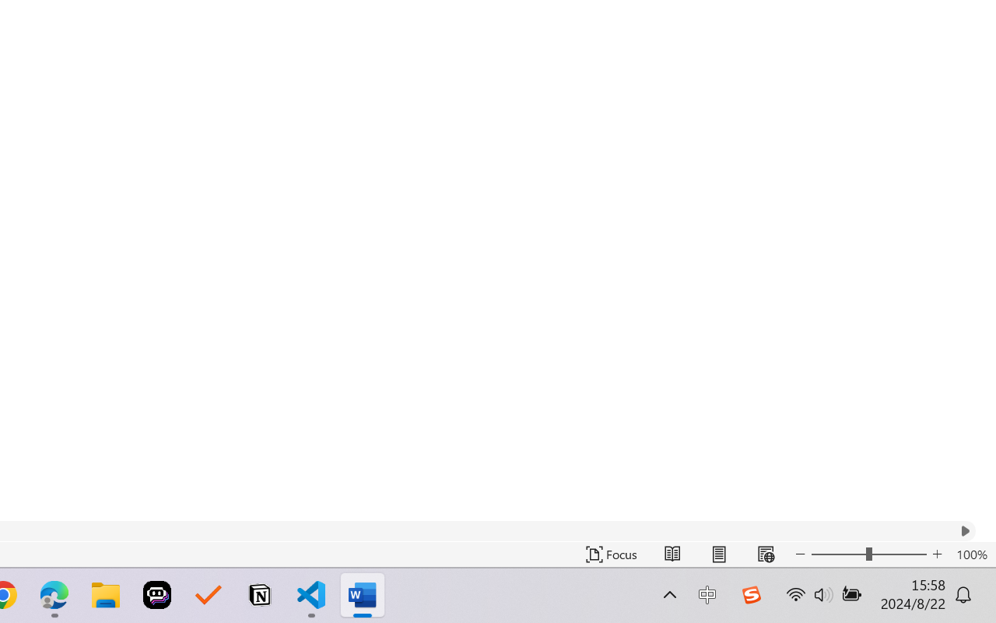 Image resolution: width=996 pixels, height=623 pixels. Describe the element at coordinates (964, 531) in the screenshot. I see `'Column right'` at that location.